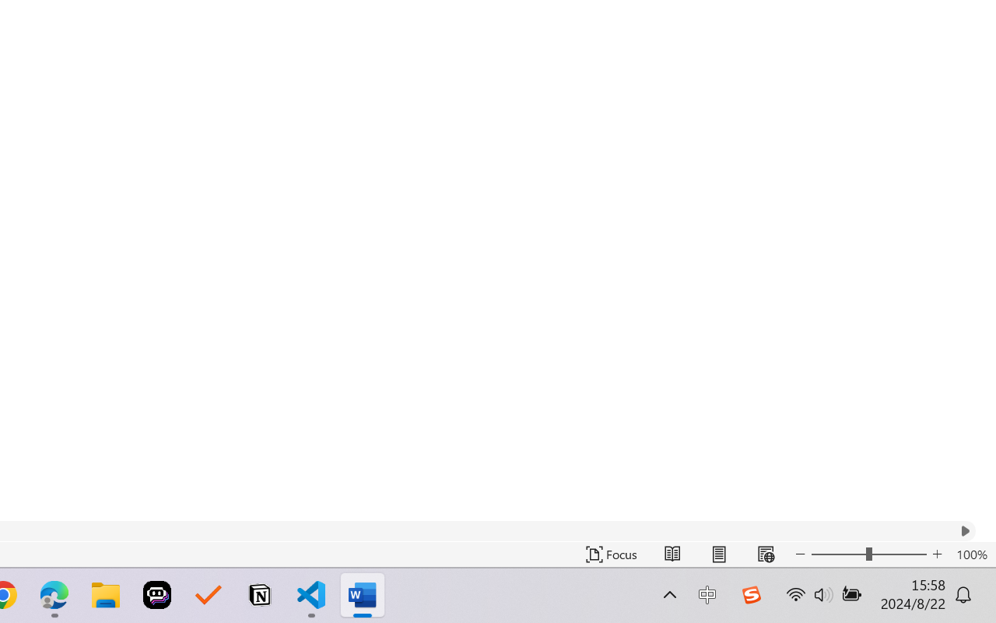 Image resolution: width=996 pixels, height=623 pixels. Describe the element at coordinates (964, 531) in the screenshot. I see `'Column right'` at that location.